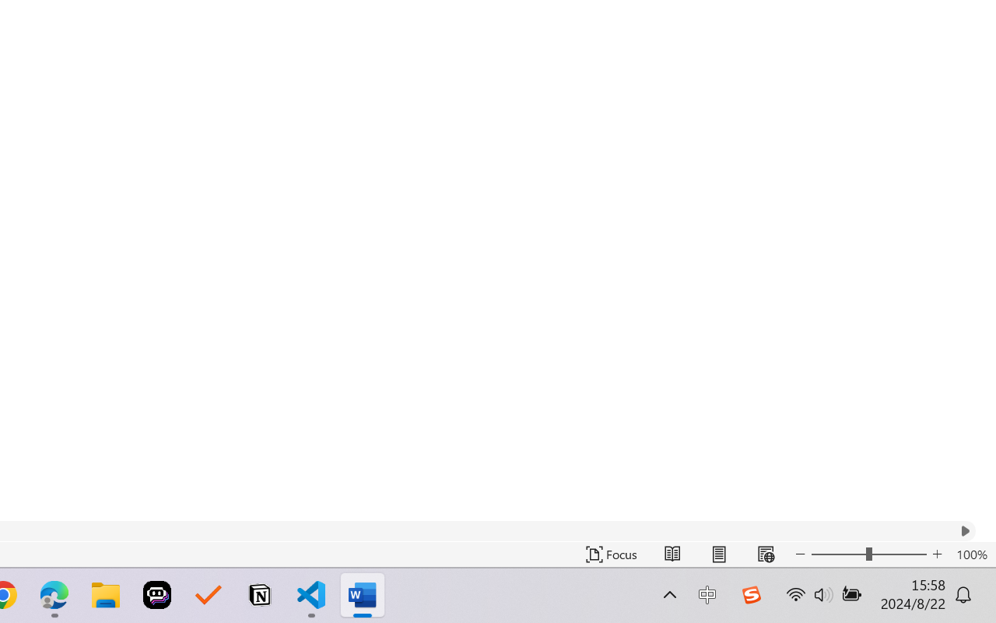 Image resolution: width=996 pixels, height=623 pixels. Describe the element at coordinates (964, 531) in the screenshot. I see `'Column right'` at that location.